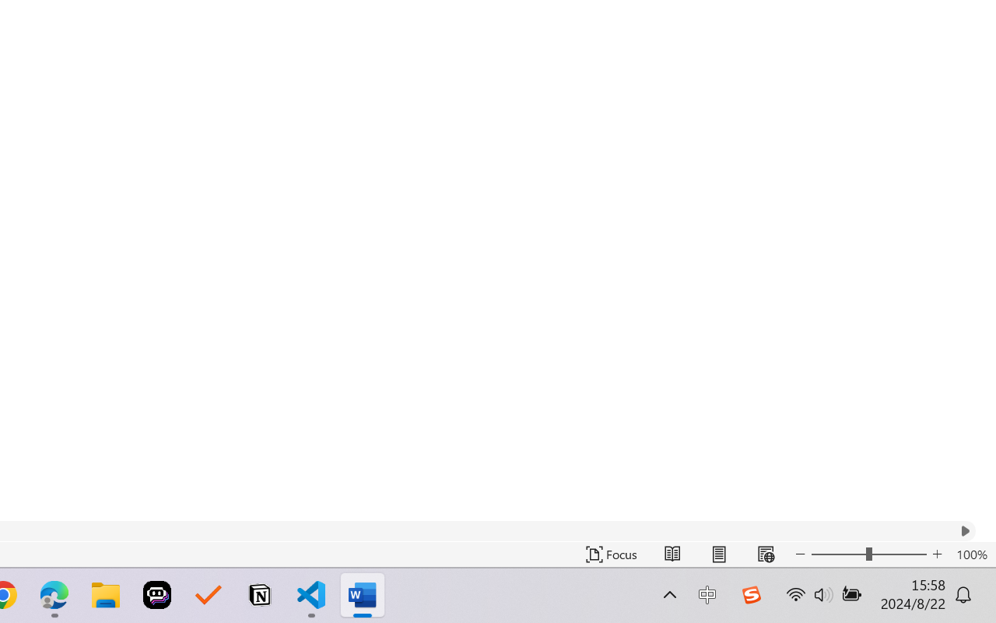 Image resolution: width=996 pixels, height=623 pixels. Describe the element at coordinates (964, 531) in the screenshot. I see `'Column right'` at that location.